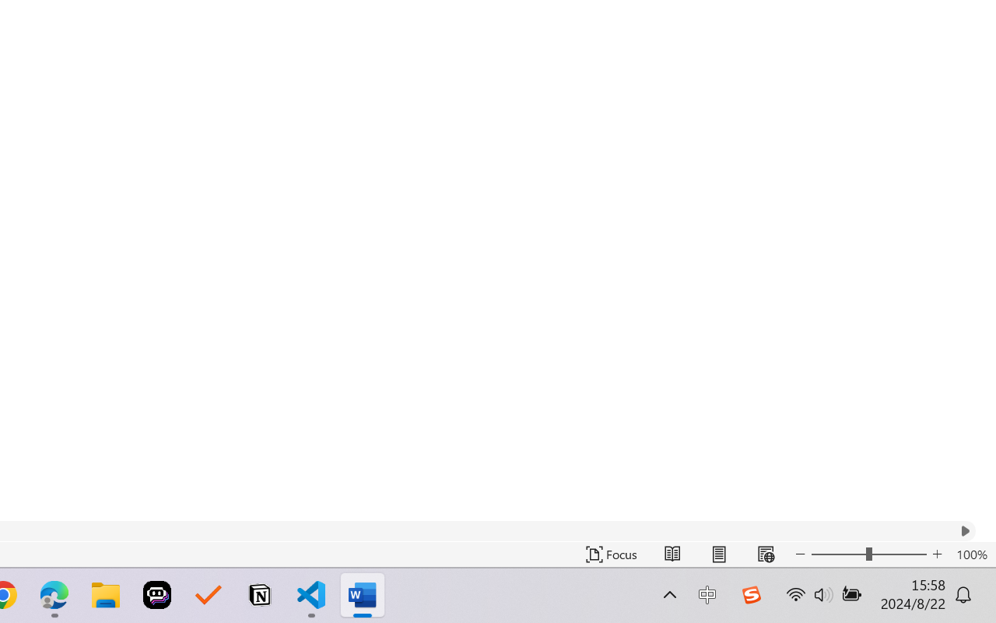 Image resolution: width=996 pixels, height=623 pixels. Describe the element at coordinates (964, 531) in the screenshot. I see `'Column right'` at that location.